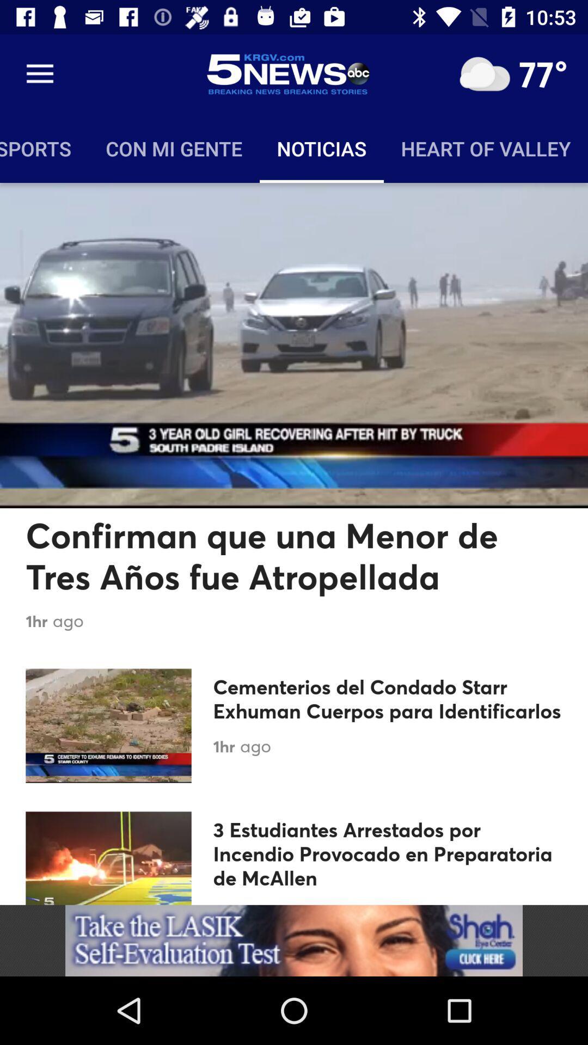 Image resolution: width=588 pixels, height=1045 pixels. I want to click on click for weather, so click(484, 73).